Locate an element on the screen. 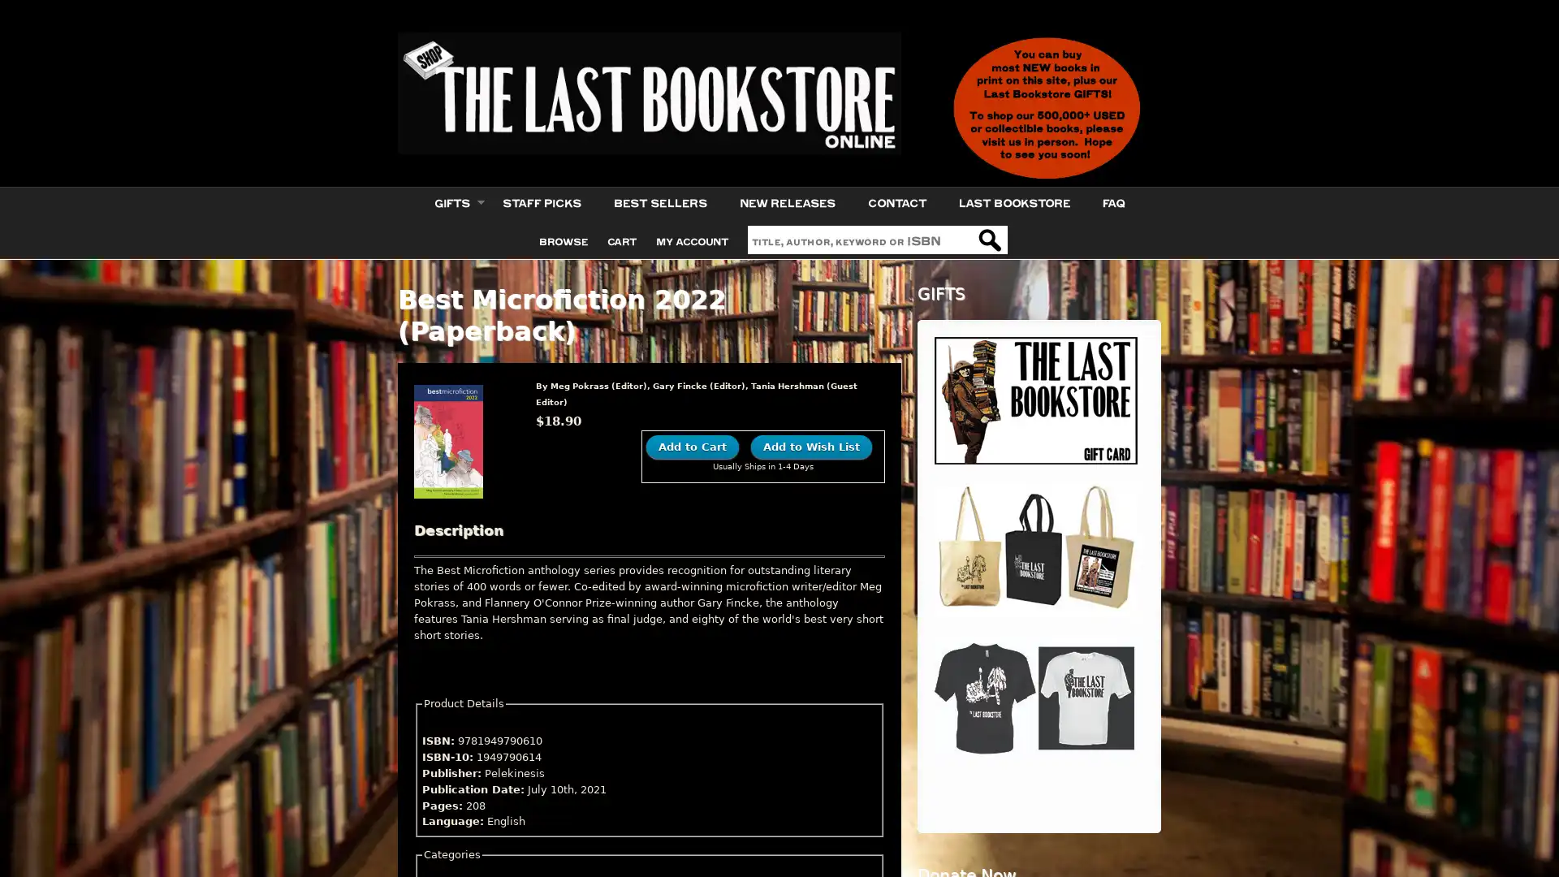  Add to Cart is located at coordinates (693, 446).